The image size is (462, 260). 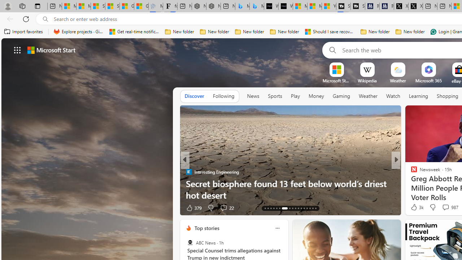 What do you see at coordinates (298, 208) in the screenshot?
I see `'AutomationID: tab-23'` at bounding box center [298, 208].